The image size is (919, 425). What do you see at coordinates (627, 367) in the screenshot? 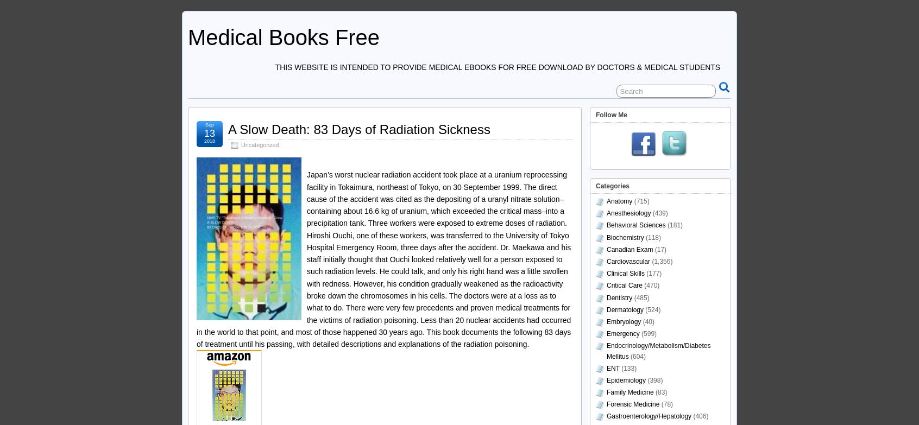
I see `'(133)'` at bounding box center [627, 367].